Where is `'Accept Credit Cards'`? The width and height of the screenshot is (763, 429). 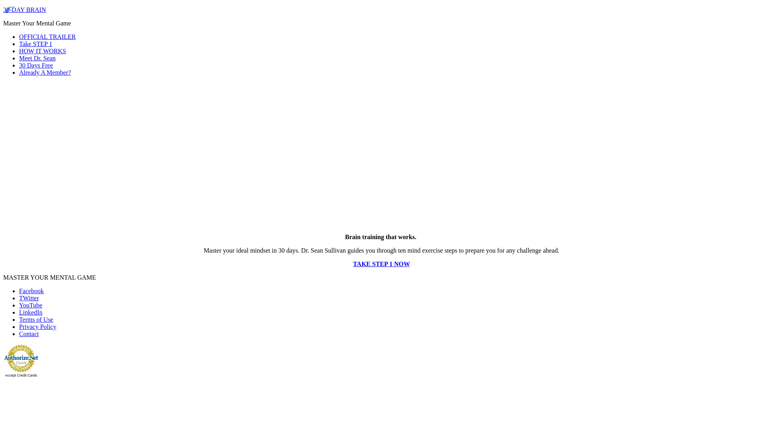 'Accept Credit Cards' is located at coordinates (21, 375).